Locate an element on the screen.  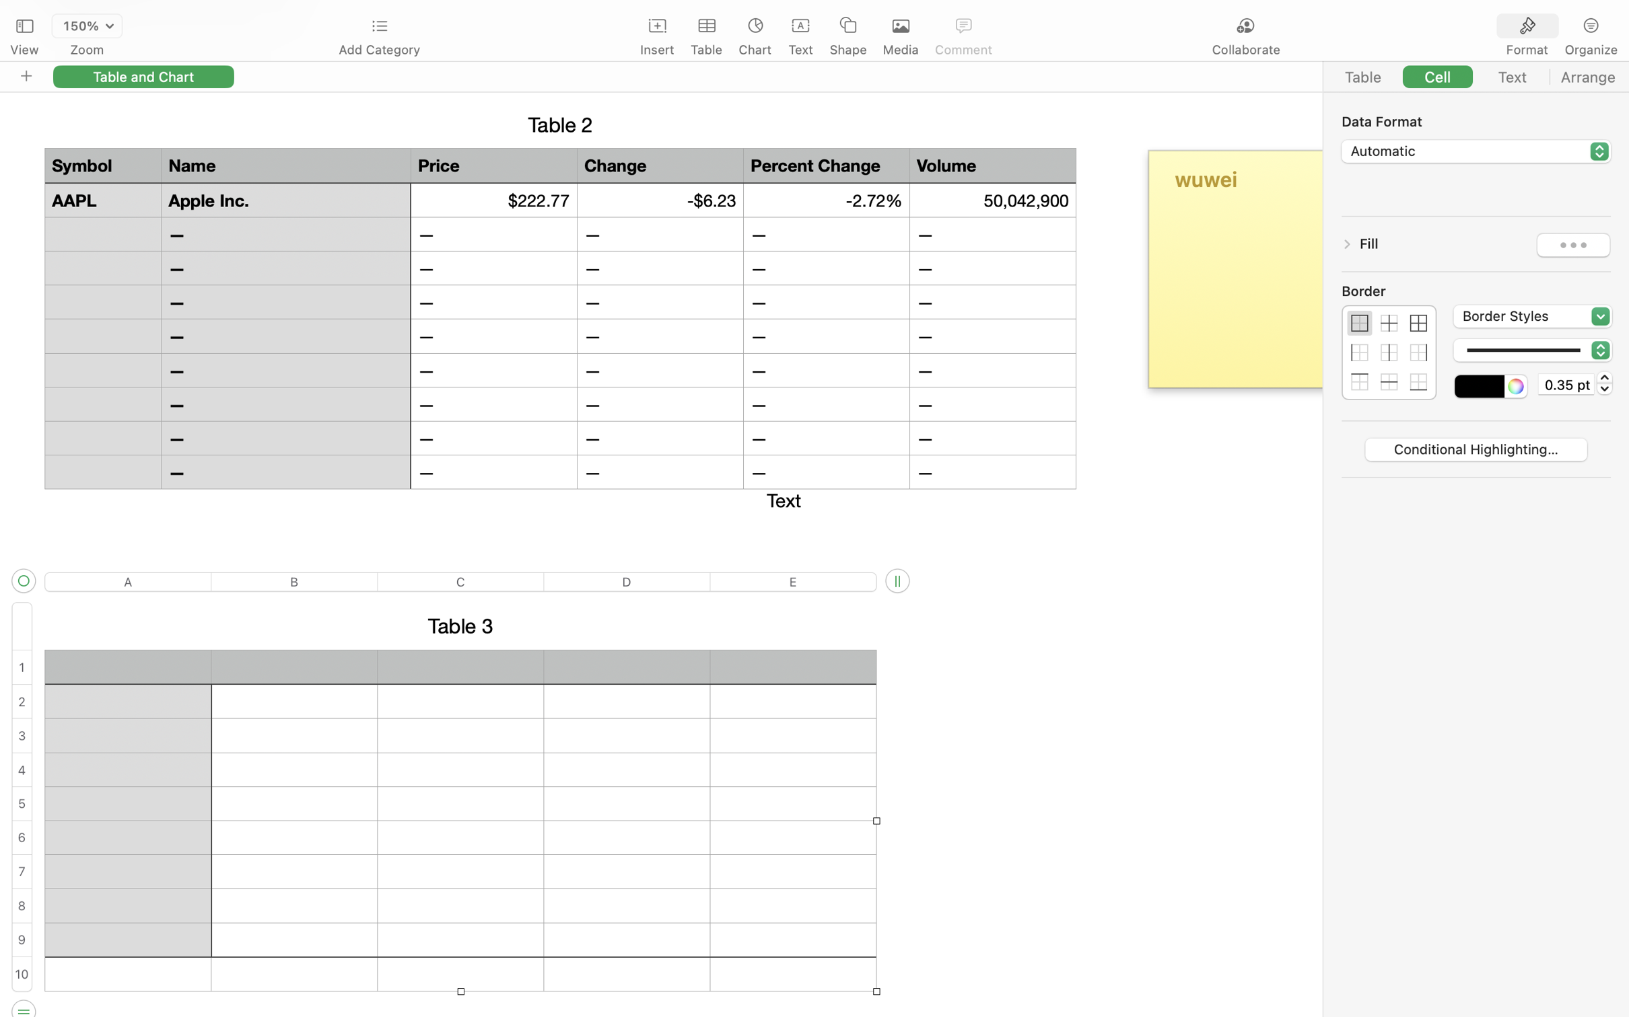
'Media' is located at coordinates (901, 50).